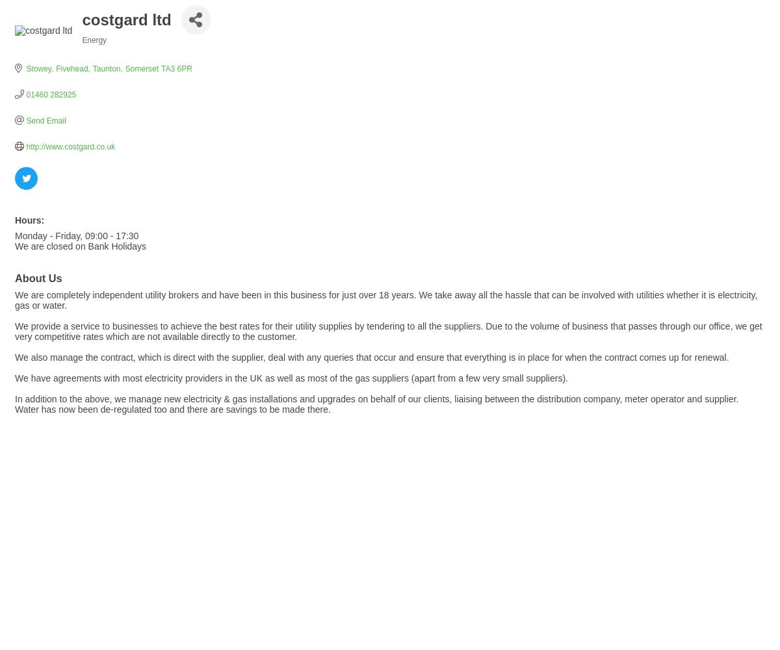 The height and width of the screenshot is (650, 780). I want to click on '01460 282925', so click(51, 95).